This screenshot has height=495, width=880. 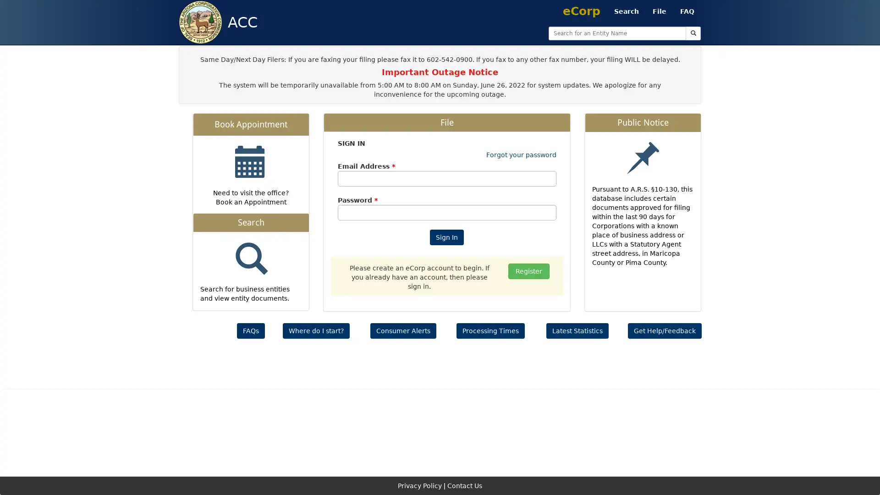 What do you see at coordinates (446, 236) in the screenshot?
I see `Sign In` at bounding box center [446, 236].